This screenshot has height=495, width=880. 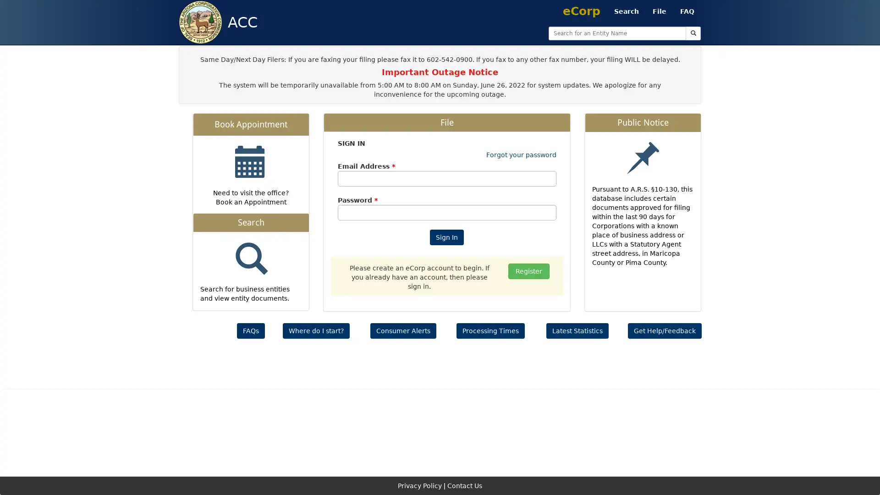 What do you see at coordinates (446, 236) in the screenshot?
I see `Sign In` at bounding box center [446, 236].